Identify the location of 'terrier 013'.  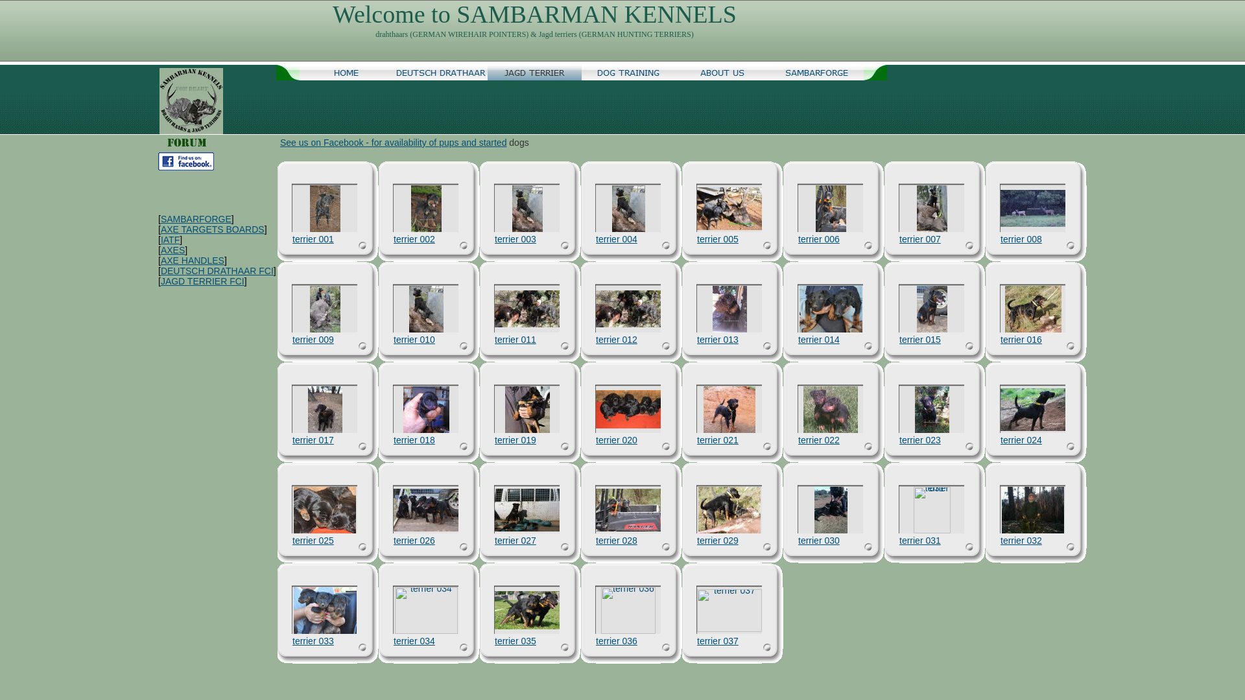
(729, 309).